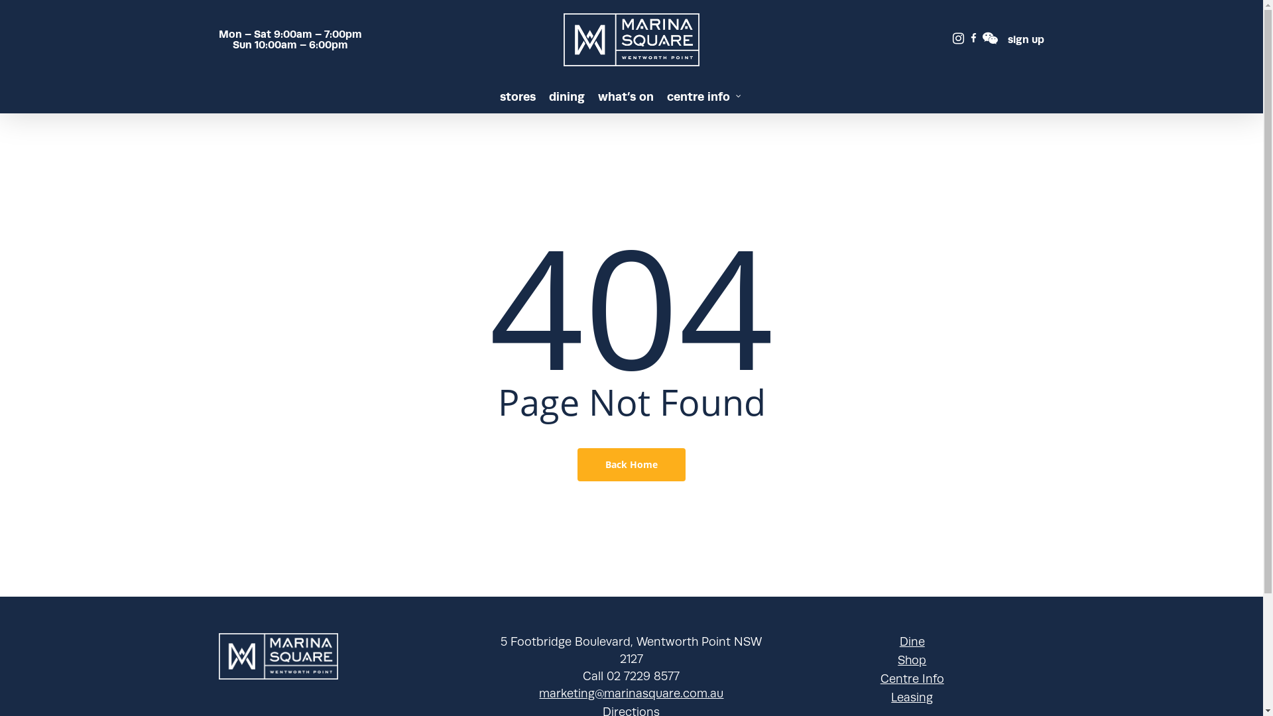 This screenshot has width=1273, height=716. What do you see at coordinates (566, 95) in the screenshot?
I see `'dining'` at bounding box center [566, 95].